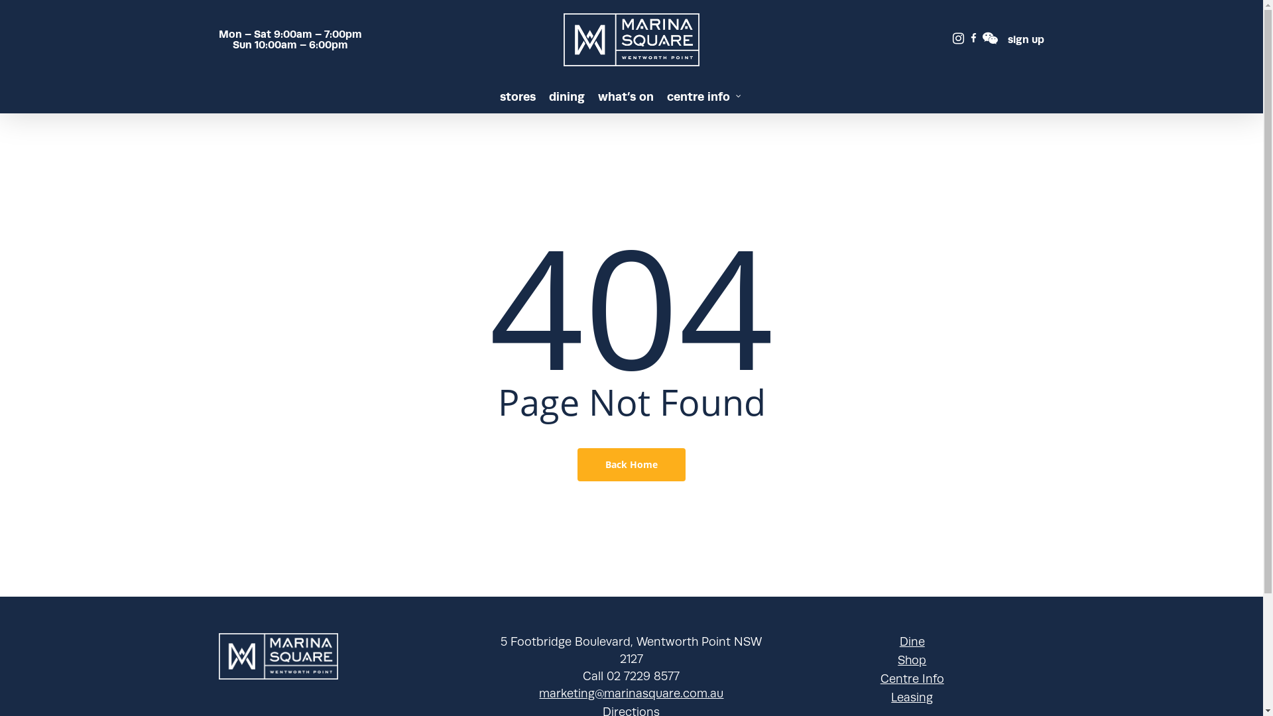 This screenshot has width=1273, height=716. What do you see at coordinates (566, 95) in the screenshot?
I see `'dining'` at bounding box center [566, 95].